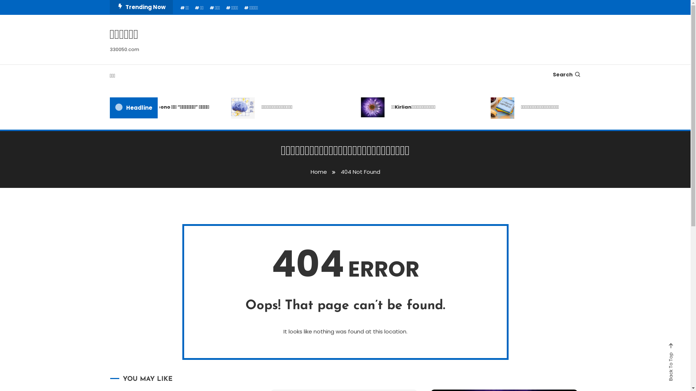 The image size is (696, 391). What do you see at coordinates (318, 172) in the screenshot?
I see `'Home'` at bounding box center [318, 172].